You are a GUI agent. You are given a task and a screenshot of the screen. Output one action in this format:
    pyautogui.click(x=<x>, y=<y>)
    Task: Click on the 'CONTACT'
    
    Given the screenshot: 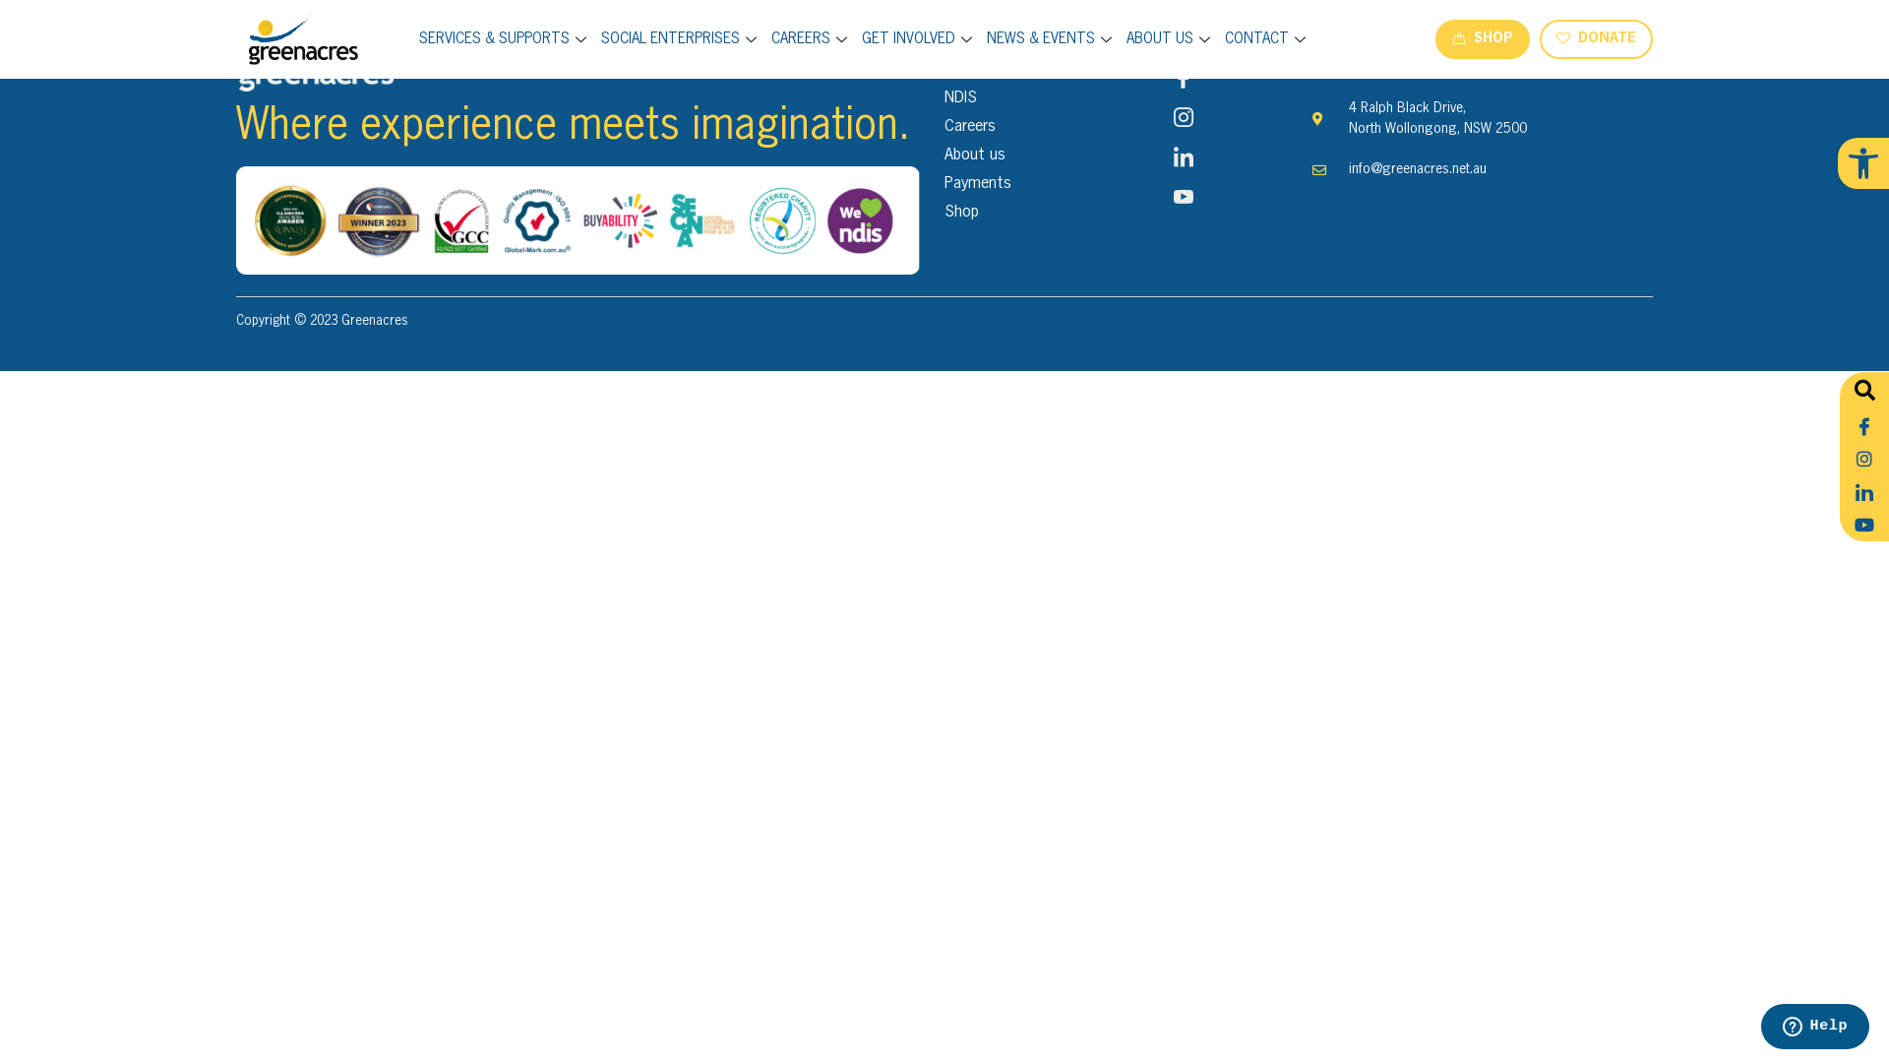 What is the action you would take?
    pyautogui.click(x=1267, y=38)
    